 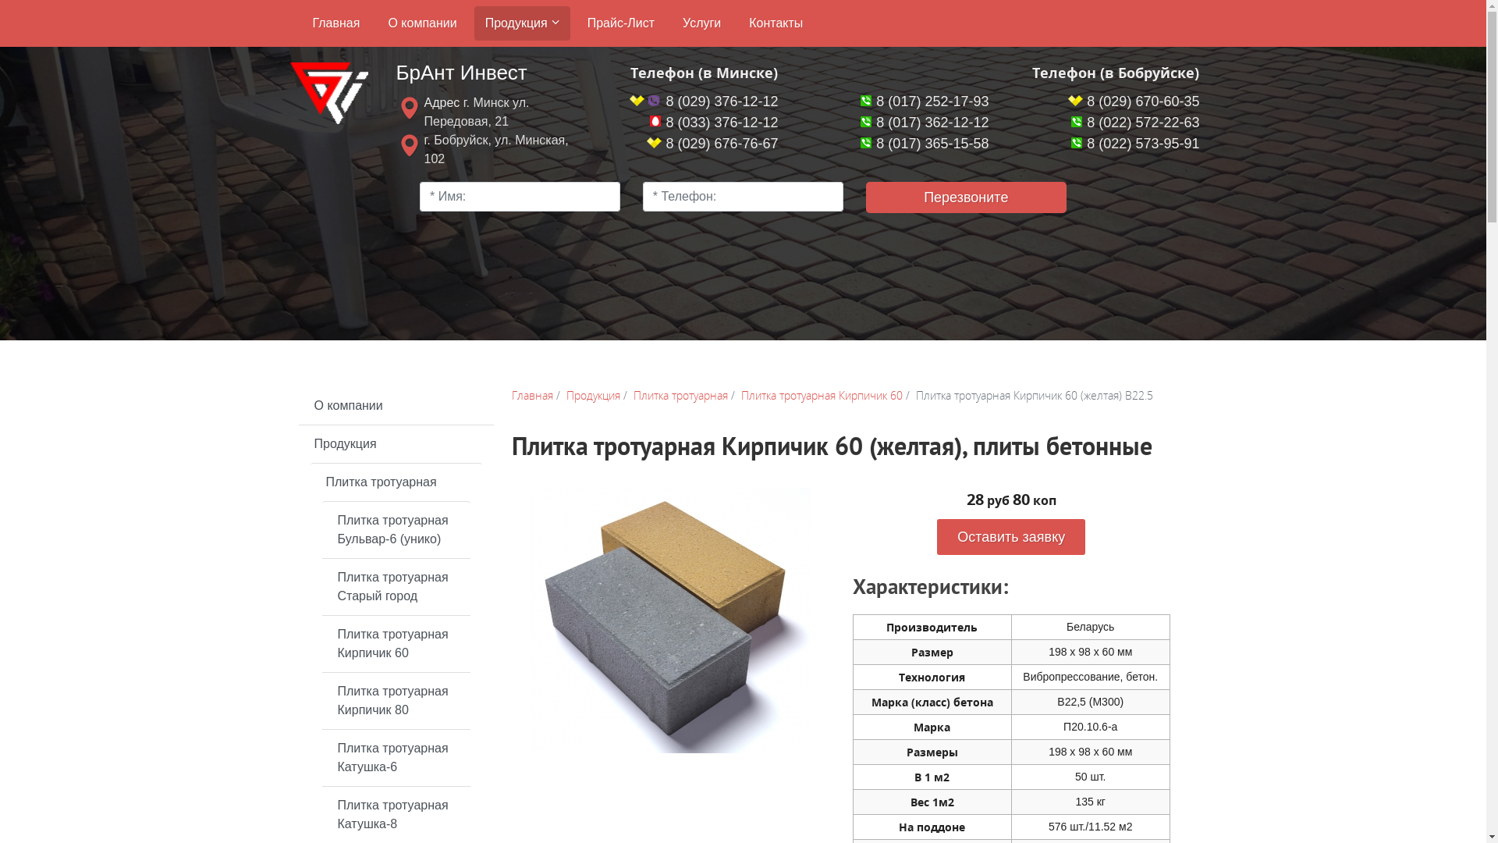 What do you see at coordinates (925, 122) in the screenshot?
I see `'8 (017) 362-12-12'` at bounding box center [925, 122].